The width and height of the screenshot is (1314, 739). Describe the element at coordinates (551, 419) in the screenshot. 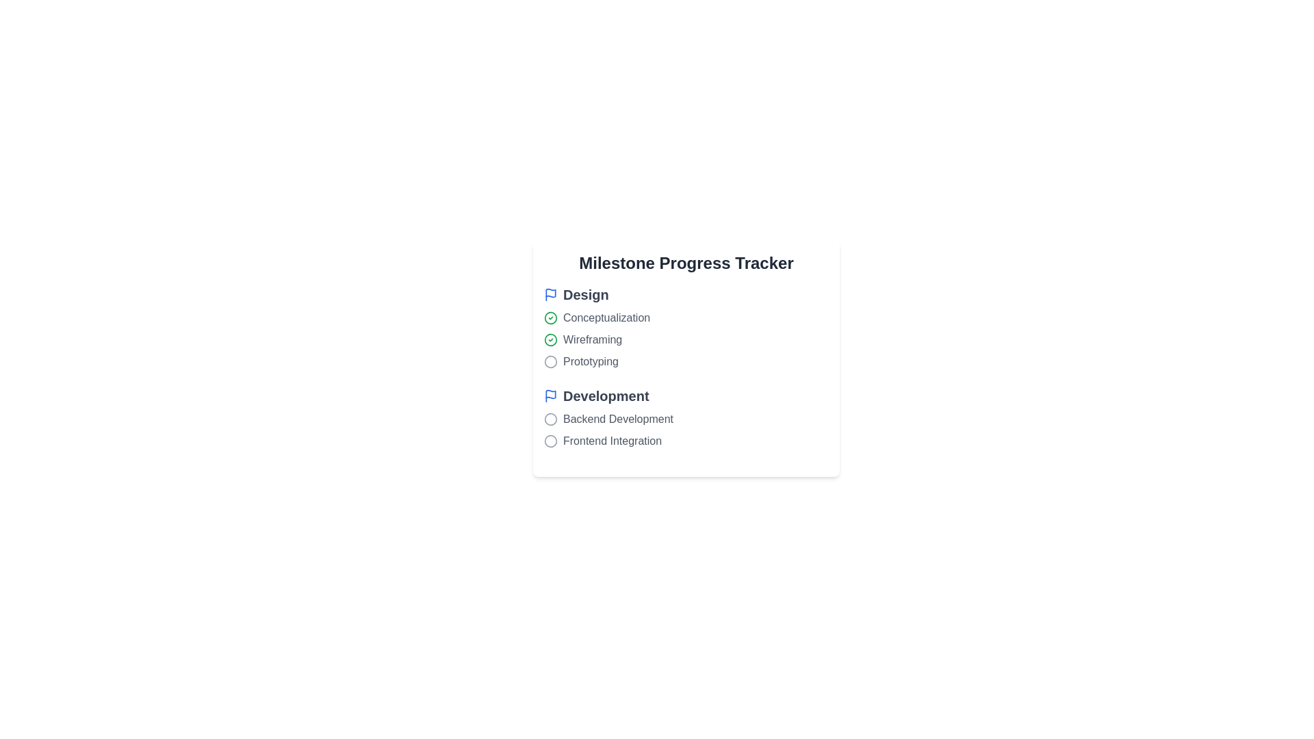

I see `the circular indicator within the 'Development' section of the 'Milestone Progress Tracker' that is styled with a gray stroke and no fill` at that location.